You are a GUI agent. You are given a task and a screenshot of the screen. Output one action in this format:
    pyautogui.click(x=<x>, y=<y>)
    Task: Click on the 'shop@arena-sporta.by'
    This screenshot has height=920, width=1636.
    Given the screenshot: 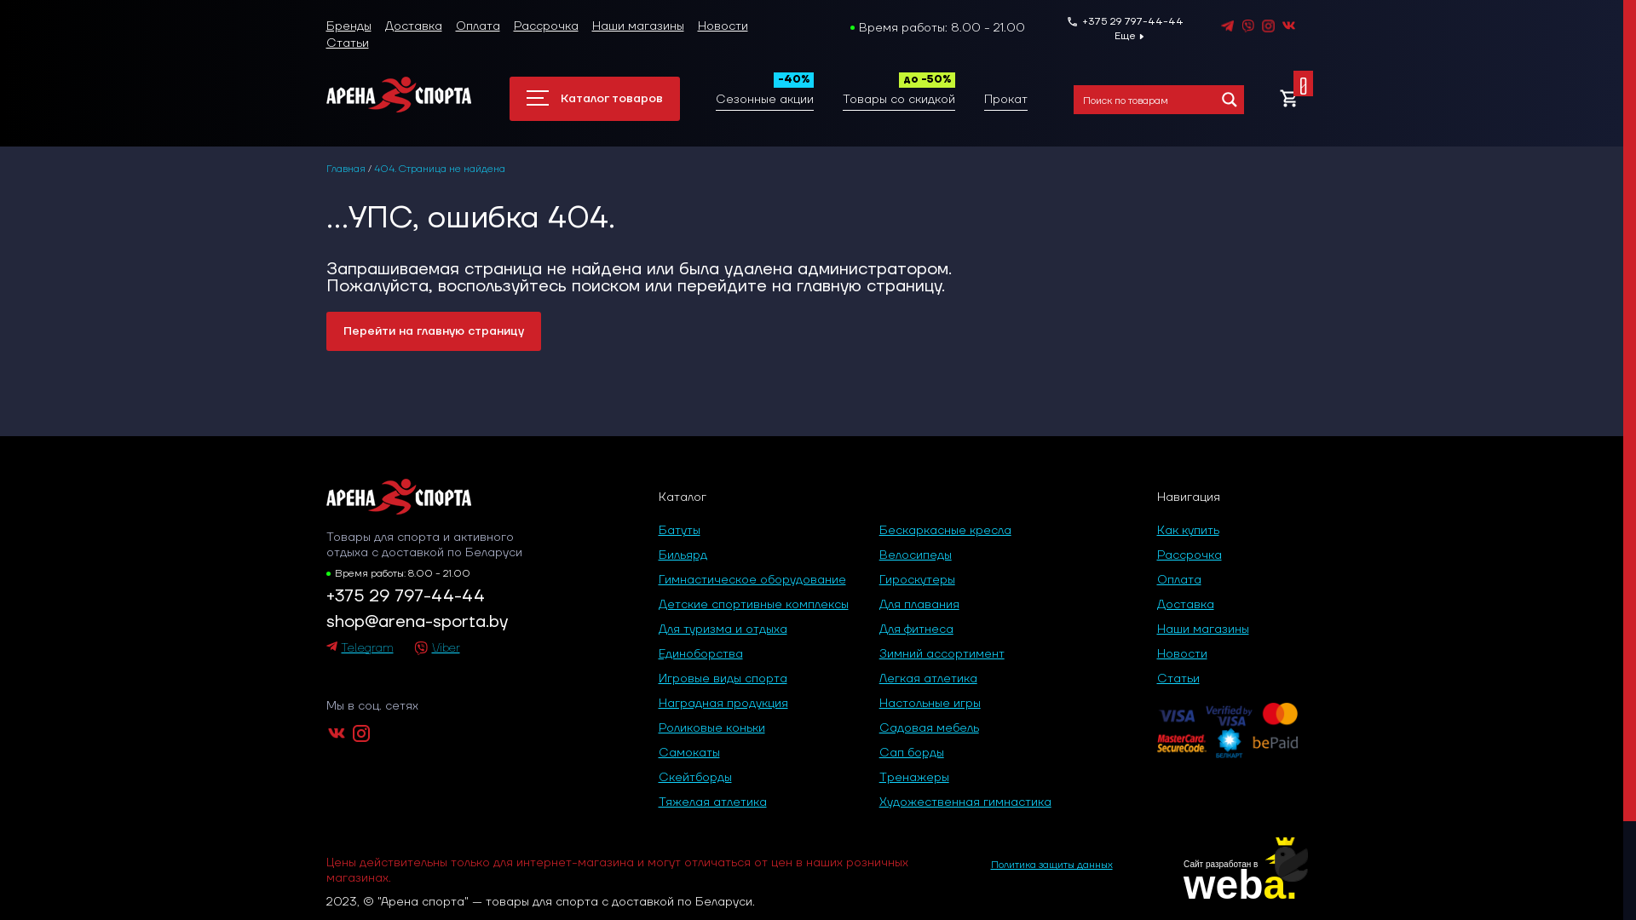 What is the action you would take?
    pyautogui.click(x=437, y=621)
    